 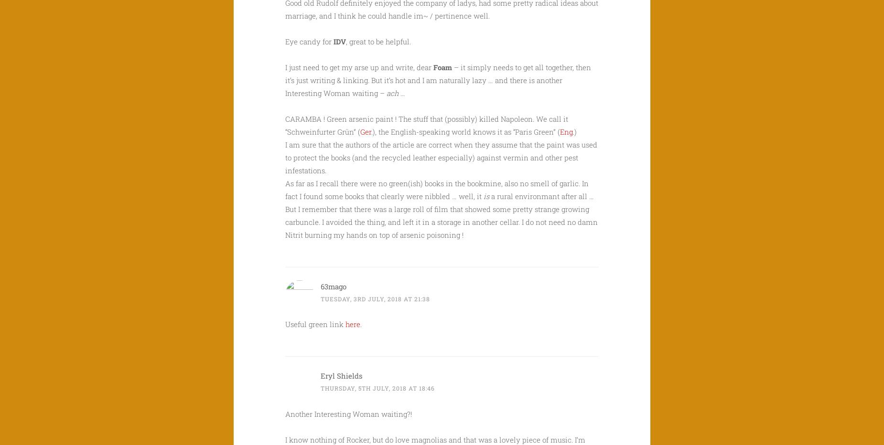 I want to click on 'IDV', so click(x=334, y=41).